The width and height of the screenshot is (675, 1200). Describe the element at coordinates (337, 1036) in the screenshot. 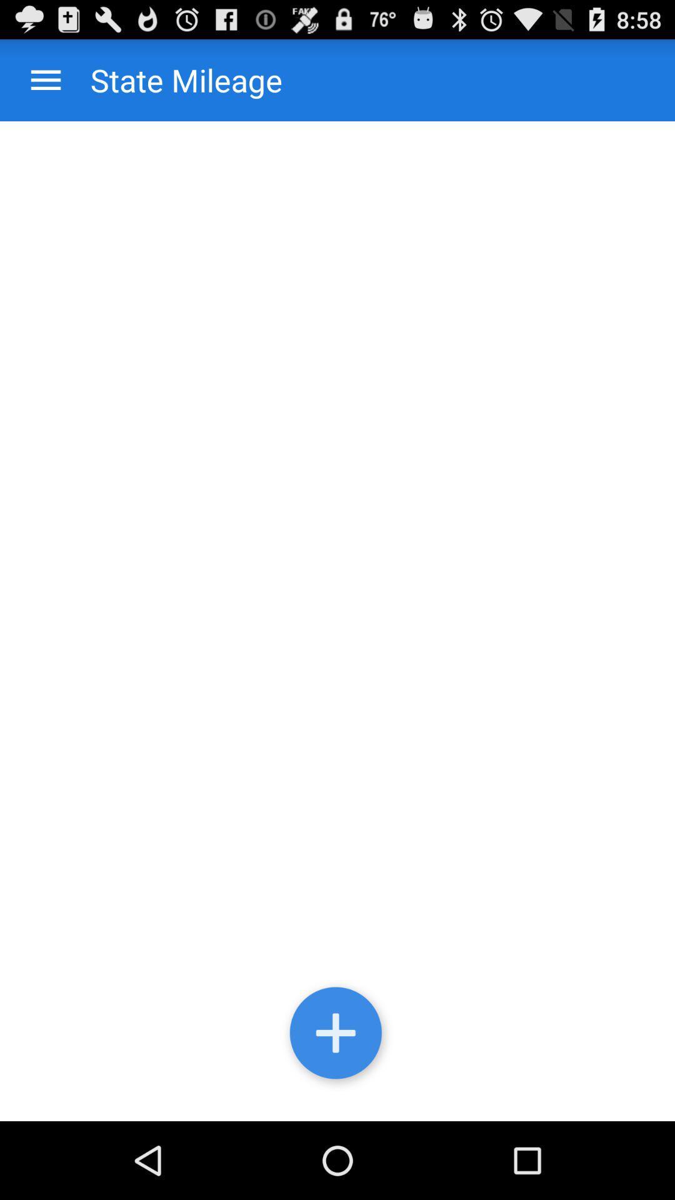

I see `an item` at that location.